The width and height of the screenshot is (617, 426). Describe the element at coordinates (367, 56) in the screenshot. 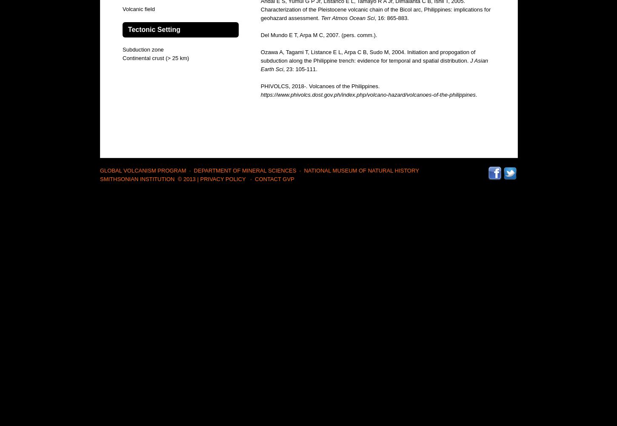

I see `'Ozawa A, Tagami T, Listance E L, Arpa C B, Sudo M, 2004. Initiation and propogation of subduction along the Philippine trench: evidence for temporal and spatial distribution.'` at that location.